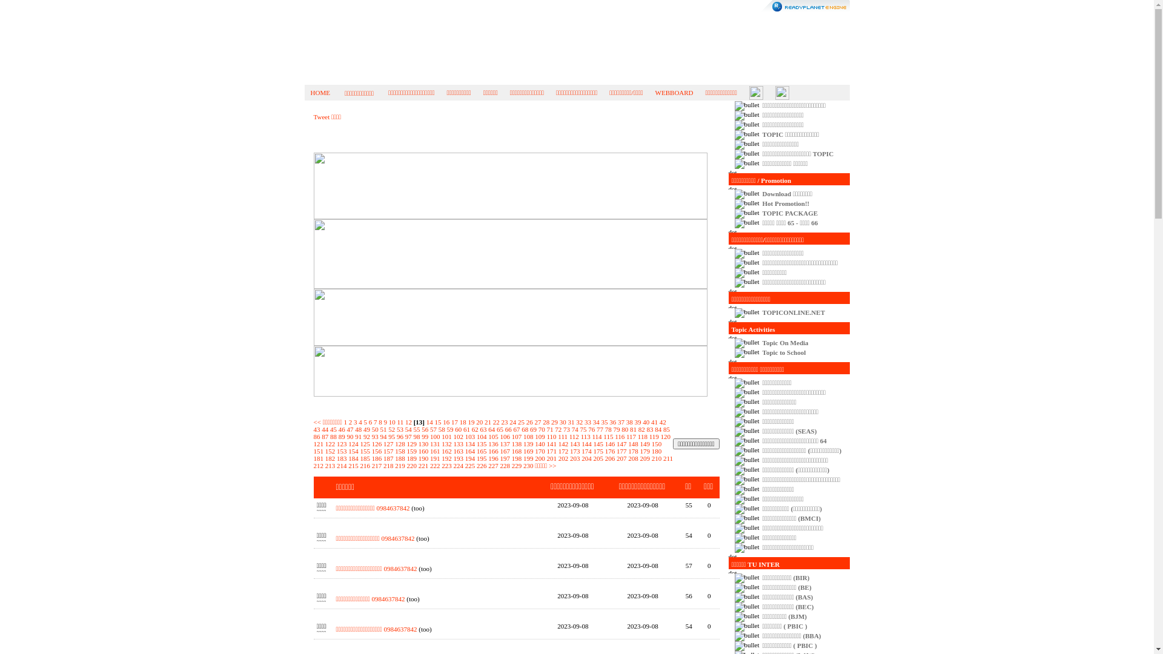 This screenshot has width=1163, height=654. What do you see at coordinates (785, 343) in the screenshot?
I see `'Topic On Media'` at bounding box center [785, 343].